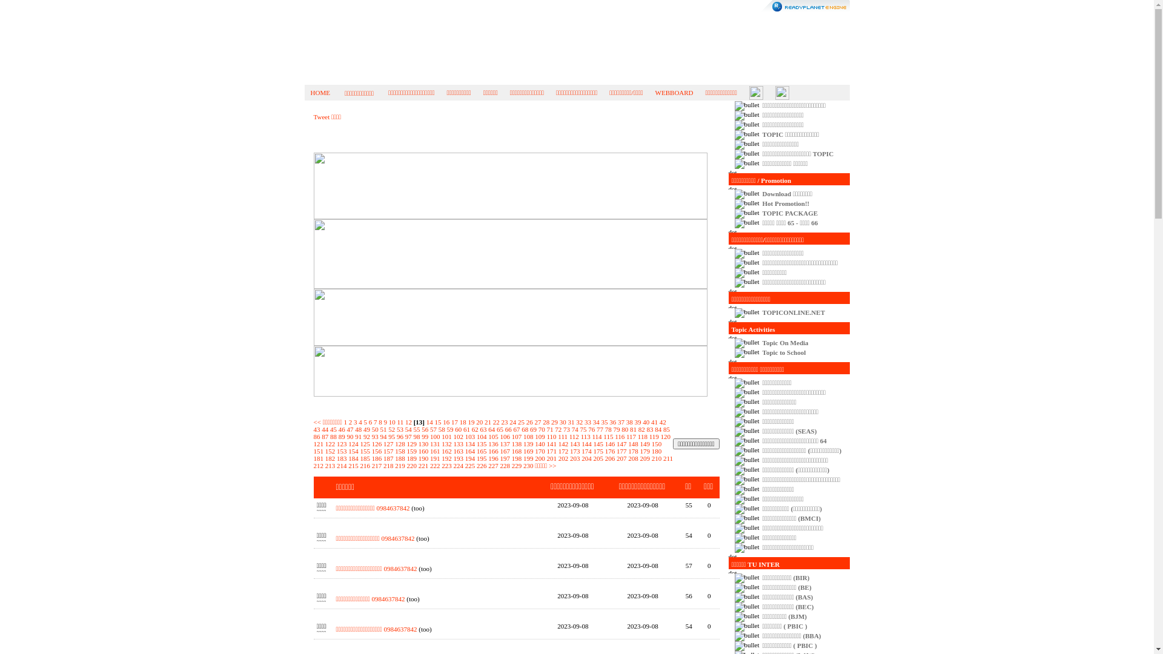 This screenshot has width=1163, height=654. What do you see at coordinates (785, 343) in the screenshot?
I see `'Topic On Media'` at bounding box center [785, 343].